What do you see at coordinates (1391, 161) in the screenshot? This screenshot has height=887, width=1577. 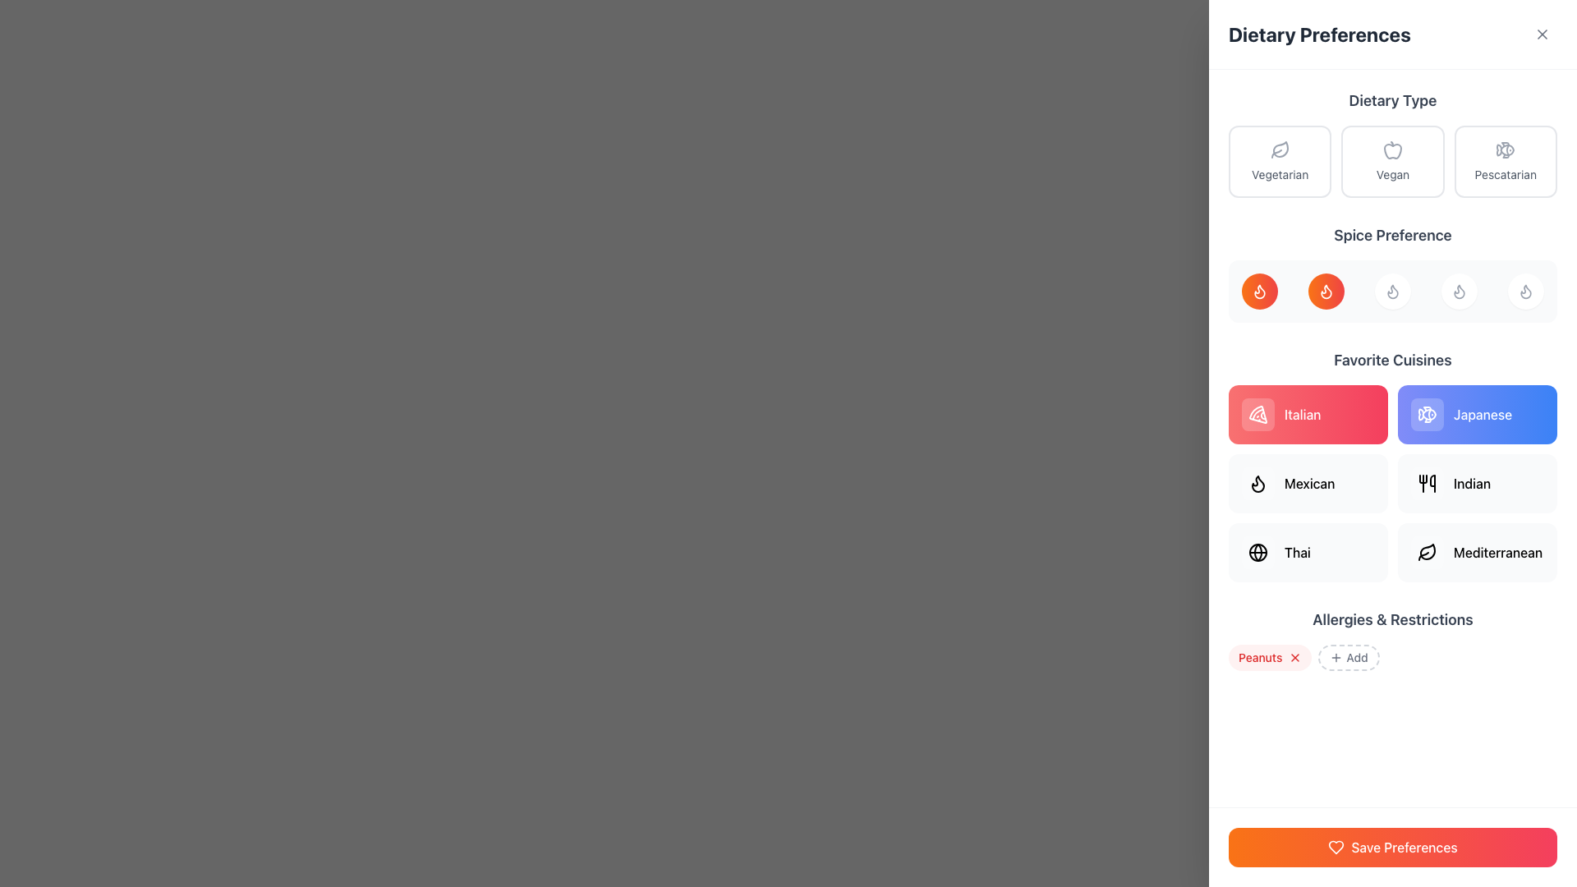 I see `the 'Vegan' dietary type button located centrally between the 'Vegetarian' and 'Pescatarian' buttons in the Dietary Type section of the modal` at bounding box center [1391, 161].